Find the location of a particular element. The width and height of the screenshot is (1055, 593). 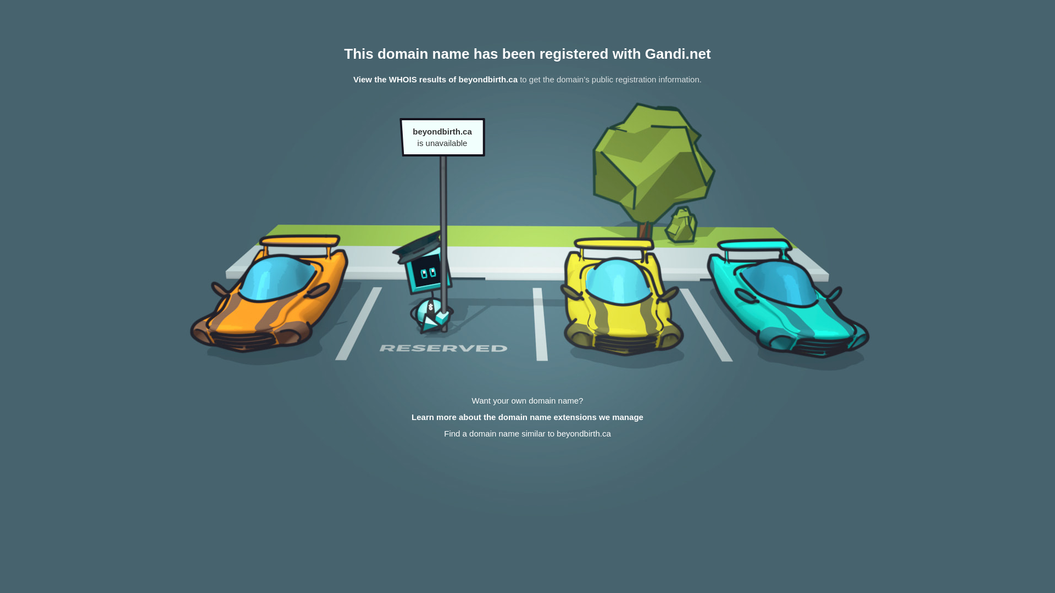

'View the WHOIS results of beyondbirth.ca' is located at coordinates (353, 79).